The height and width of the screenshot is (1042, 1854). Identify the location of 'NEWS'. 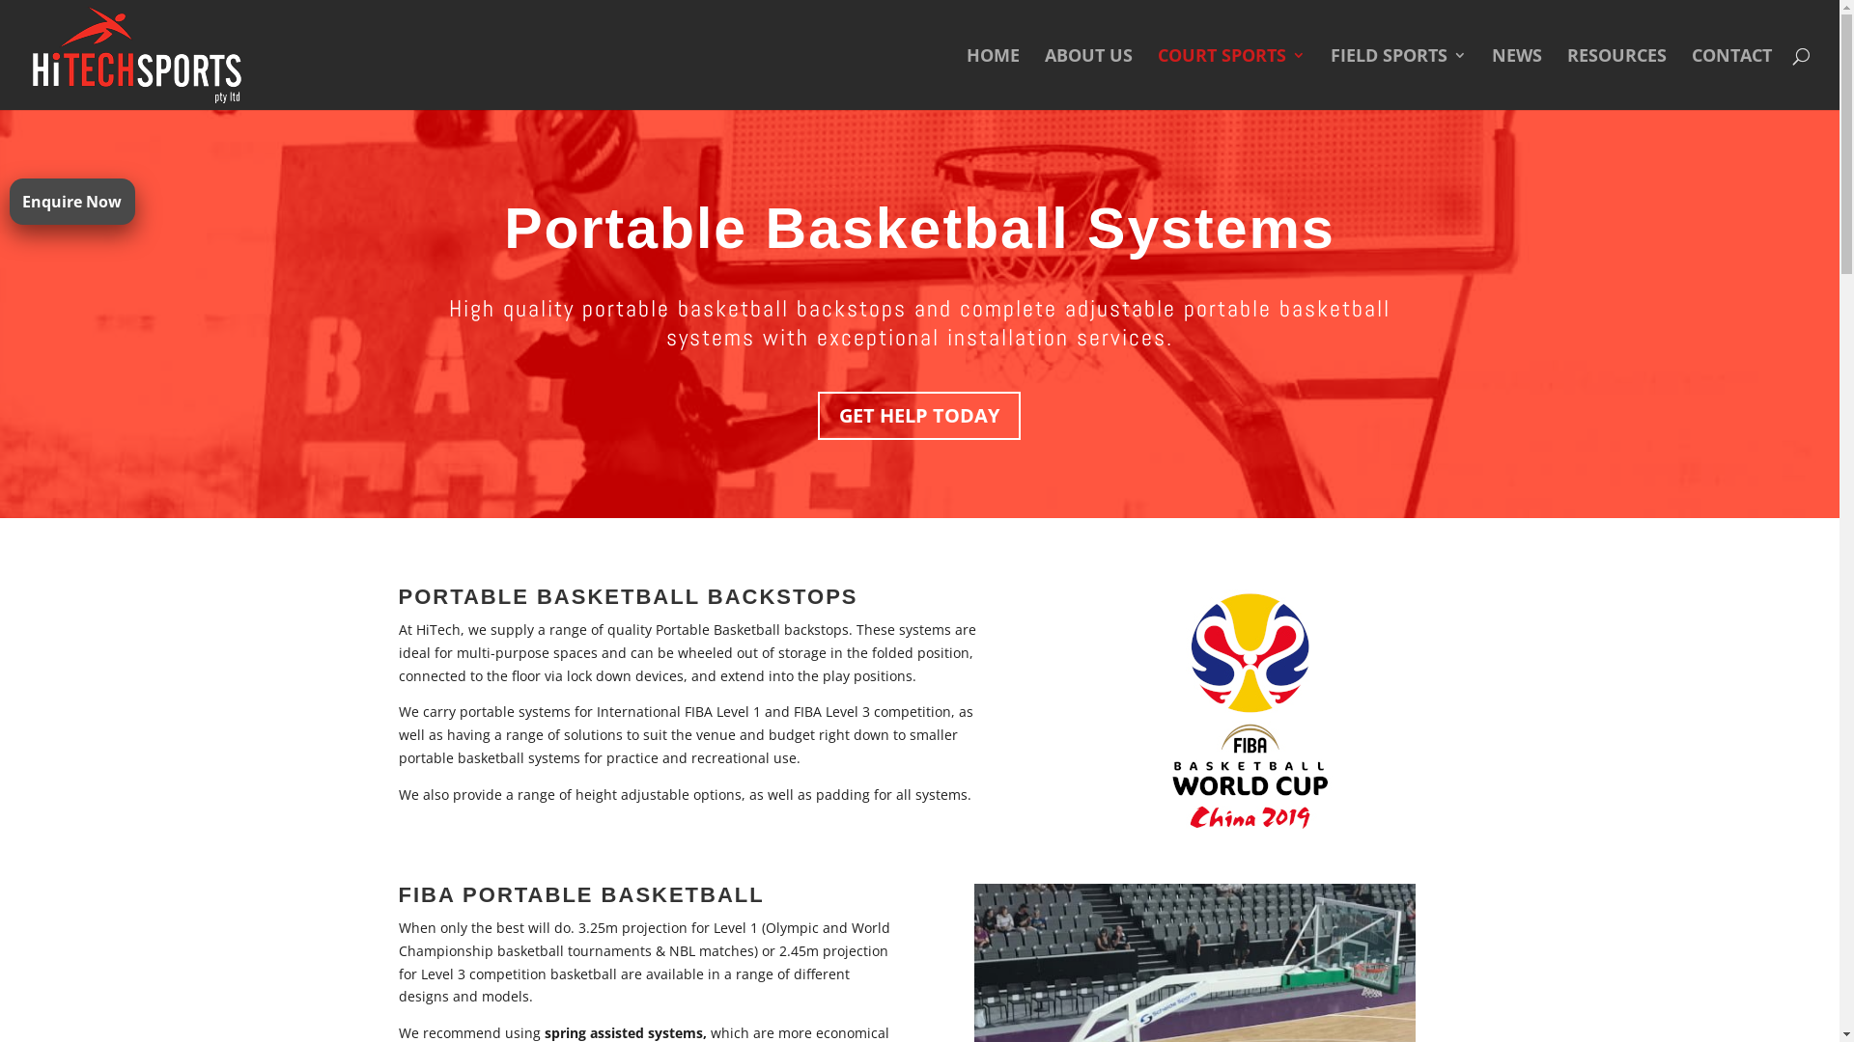
(1515, 77).